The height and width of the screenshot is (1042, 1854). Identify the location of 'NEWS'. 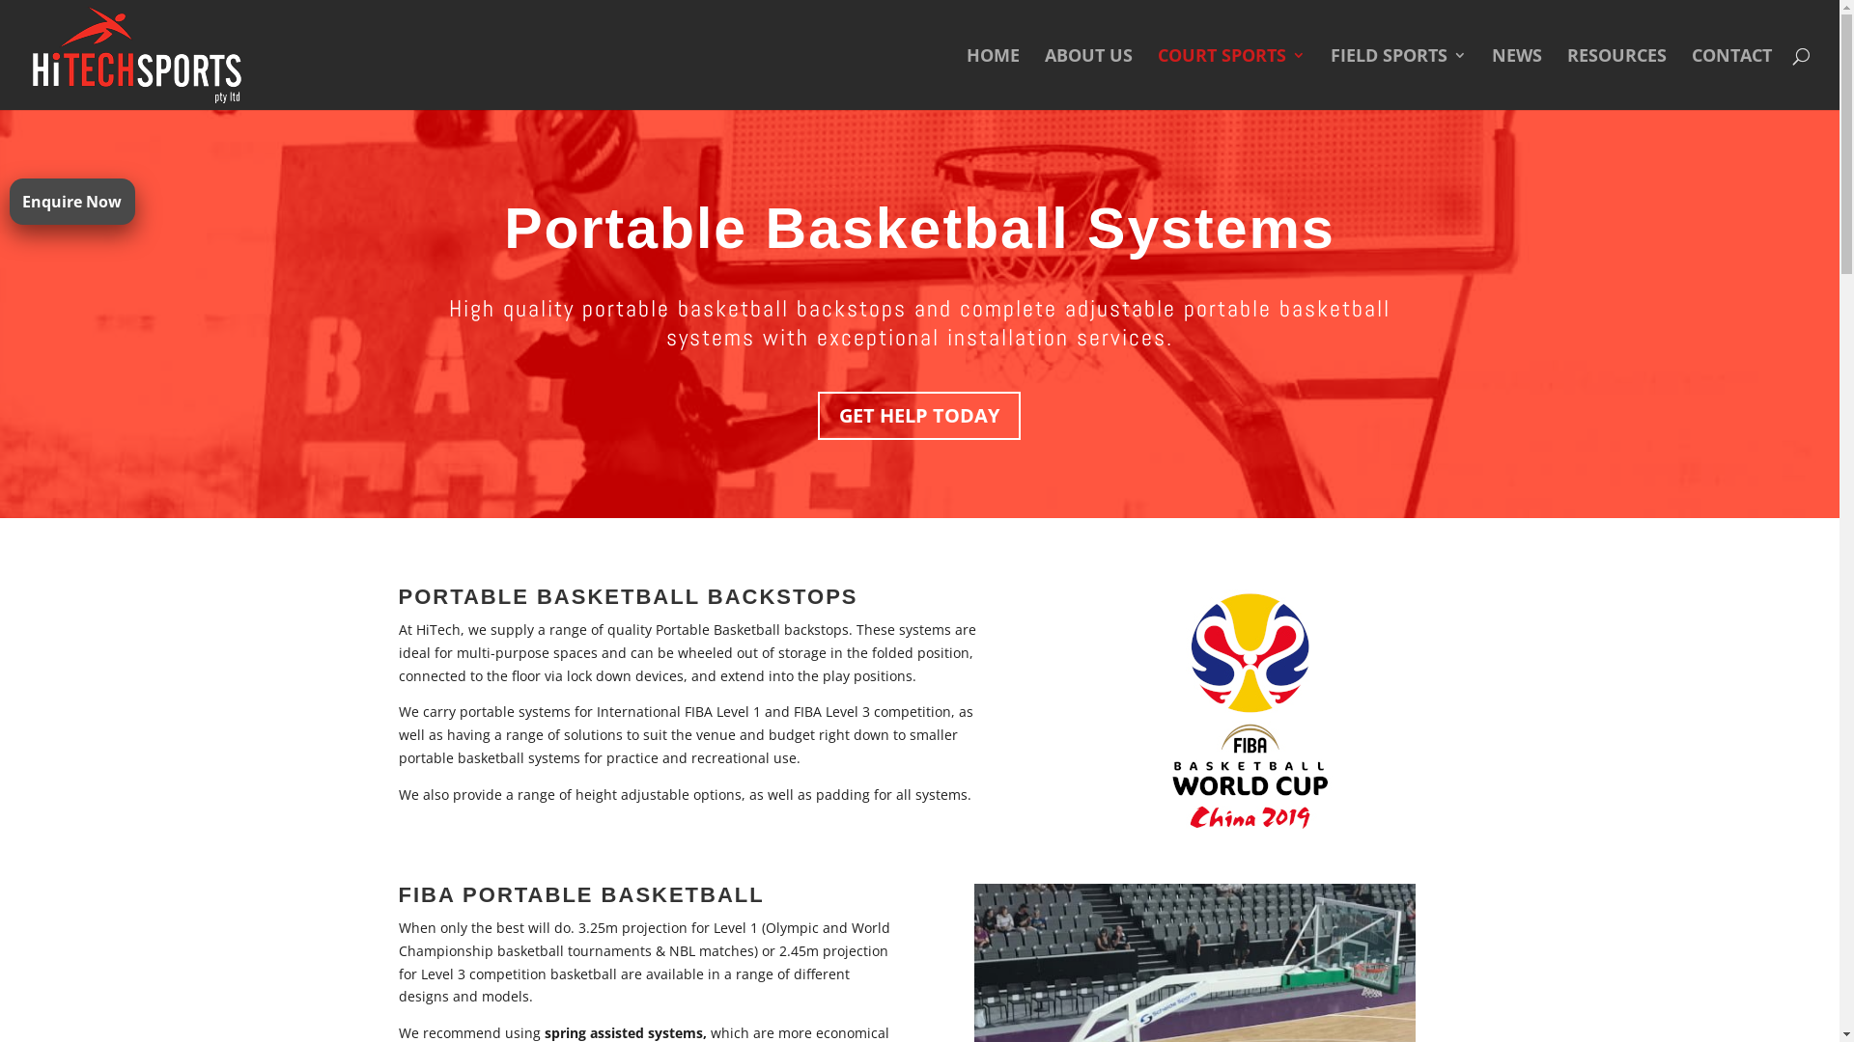
(1515, 77).